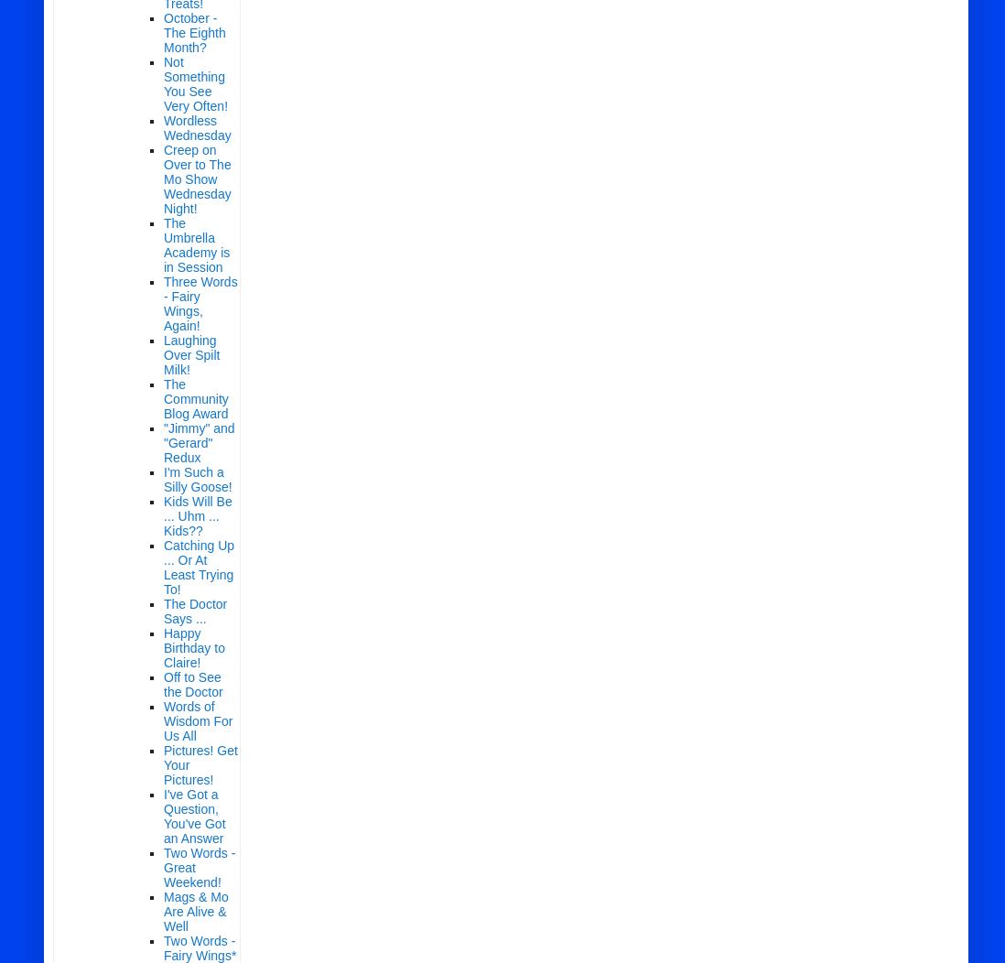 Image resolution: width=1005 pixels, height=963 pixels. Describe the element at coordinates (200, 303) in the screenshot. I see `'Three Words - Fairy Wings, Again!'` at that location.